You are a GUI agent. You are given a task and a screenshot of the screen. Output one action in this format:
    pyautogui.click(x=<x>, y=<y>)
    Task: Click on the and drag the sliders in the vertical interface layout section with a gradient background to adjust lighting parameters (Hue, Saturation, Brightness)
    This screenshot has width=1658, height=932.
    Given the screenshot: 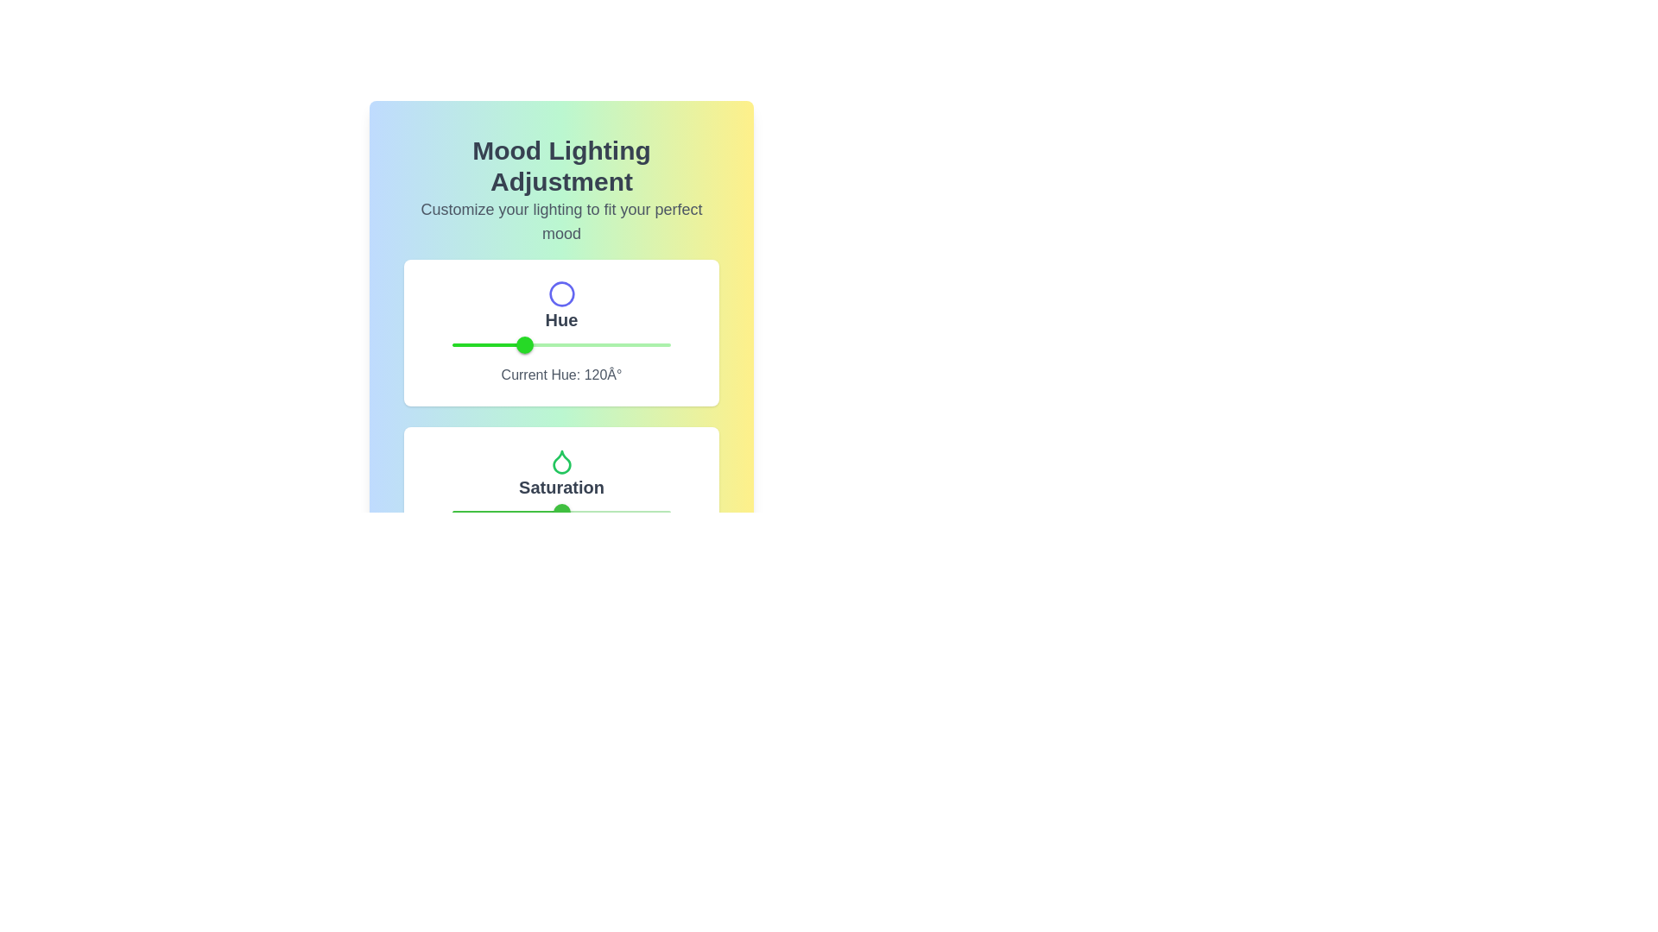 What is the action you would take?
    pyautogui.click(x=561, y=295)
    